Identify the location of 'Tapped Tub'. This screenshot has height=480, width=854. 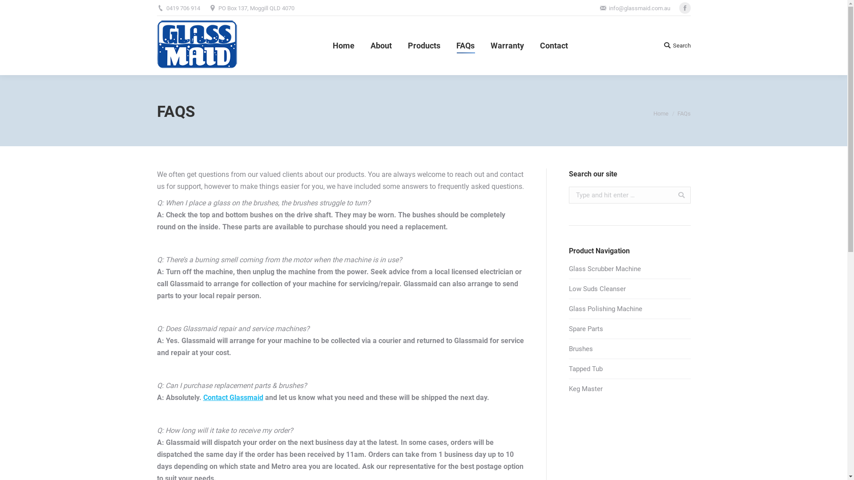
(585, 369).